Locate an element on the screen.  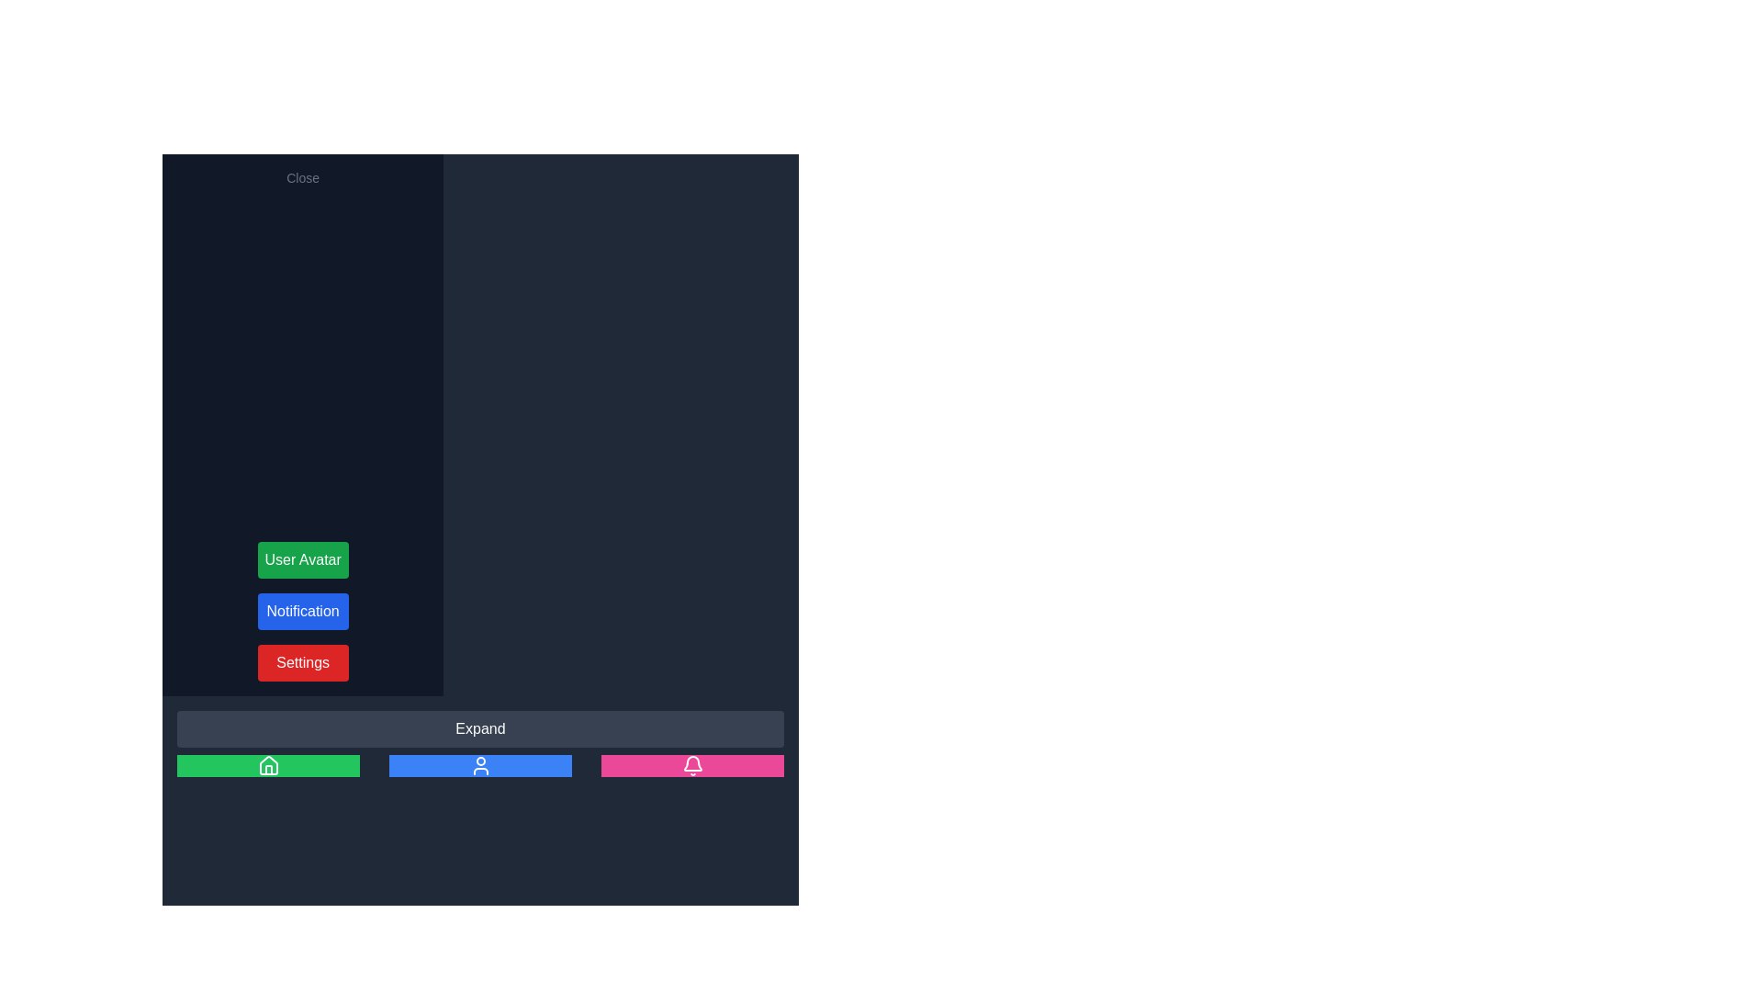
the pink bell icon located at the bottom of the interface, which is the third icon from the left is located at coordinates (691, 765).